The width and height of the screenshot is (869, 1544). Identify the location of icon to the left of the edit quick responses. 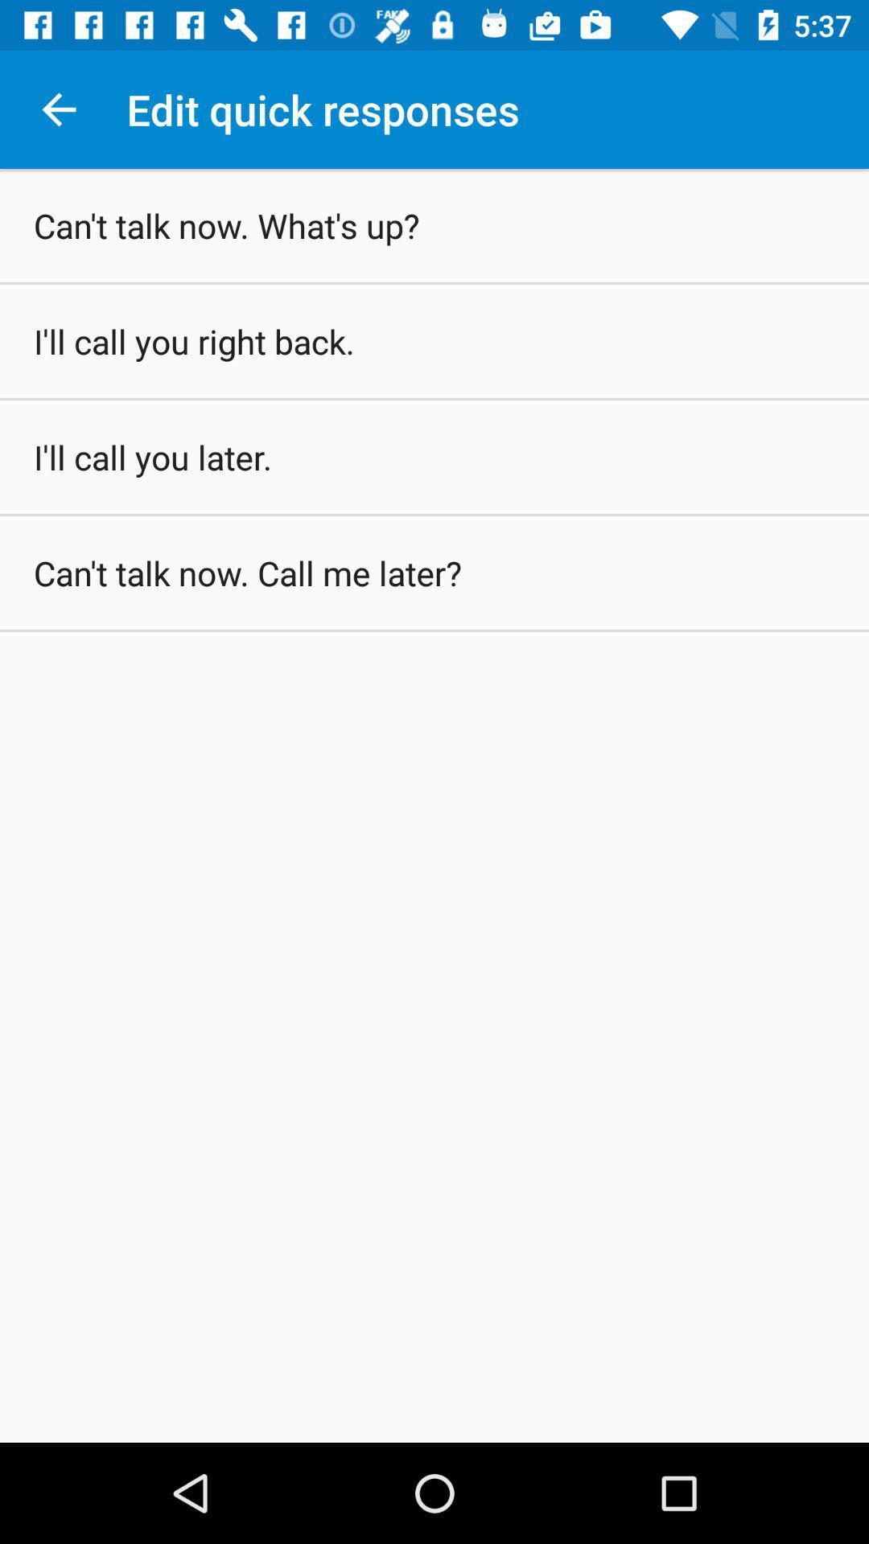
(58, 109).